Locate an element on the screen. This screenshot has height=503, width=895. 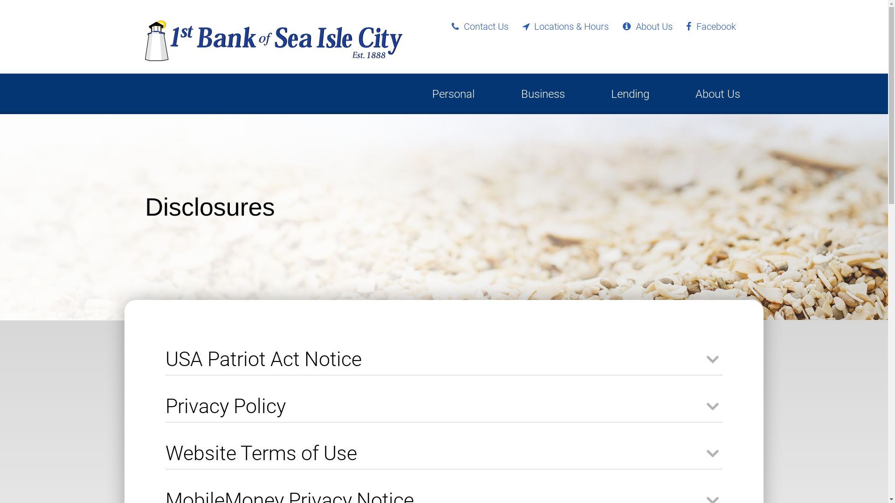
'Contact Us' is located at coordinates (480, 26).